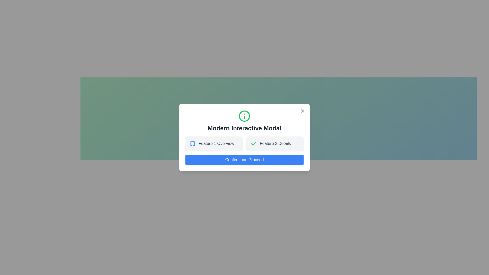 The width and height of the screenshot is (489, 275). What do you see at coordinates (303, 111) in the screenshot?
I see `the close button located at the top-right corner of the 'Modern Interactive Modal'` at bounding box center [303, 111].